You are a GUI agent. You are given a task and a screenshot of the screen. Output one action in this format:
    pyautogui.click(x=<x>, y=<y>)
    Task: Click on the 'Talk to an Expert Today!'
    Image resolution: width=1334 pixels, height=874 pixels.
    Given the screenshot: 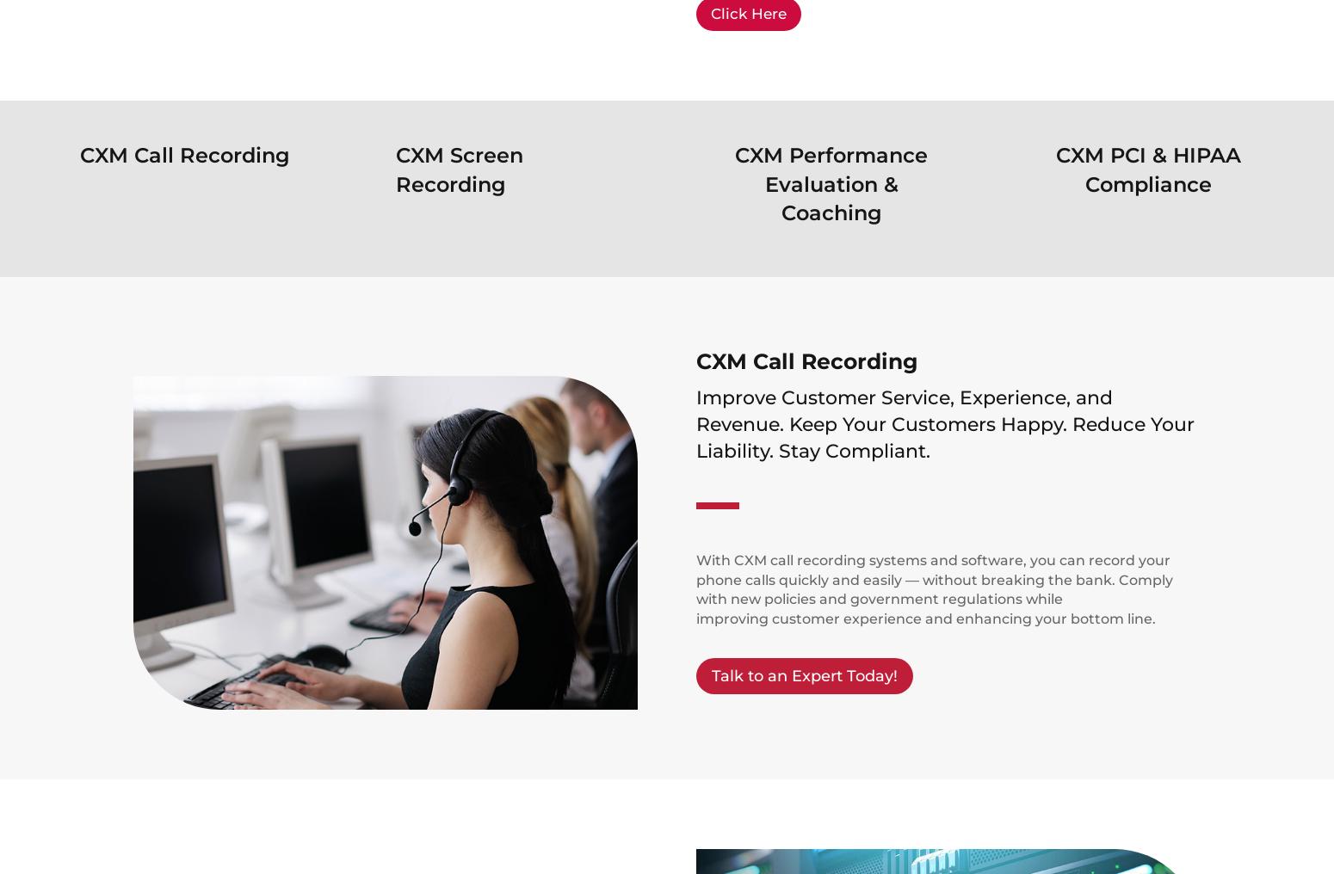 What is the action you would take?
    pyautogui.click(x=803, y=674)
    